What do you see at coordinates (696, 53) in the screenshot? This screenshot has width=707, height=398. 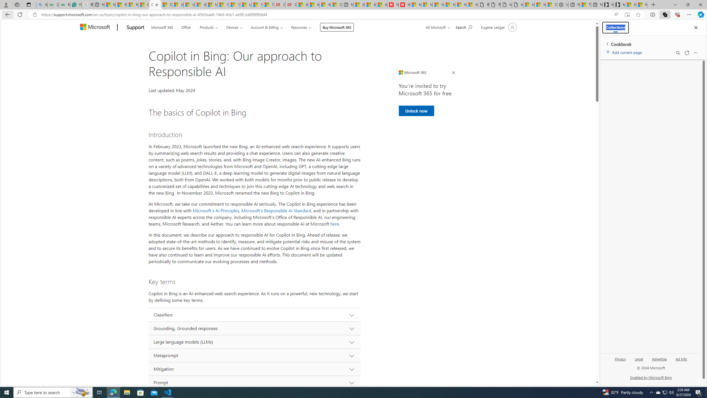 I see `'More options menu'` at bounding box center [696, 53].